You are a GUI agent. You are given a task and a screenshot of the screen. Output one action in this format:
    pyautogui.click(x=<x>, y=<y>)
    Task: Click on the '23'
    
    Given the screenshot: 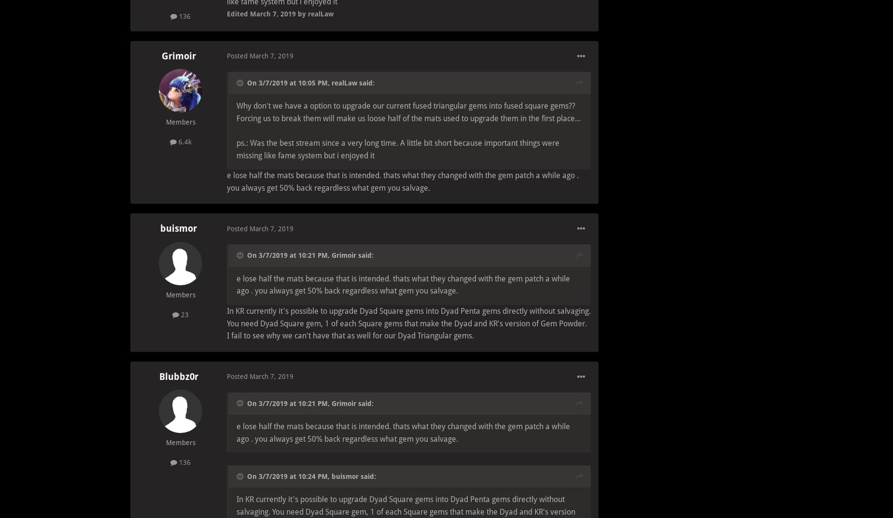 What is the action you would take?
    pyautogui.click(x=178, y=313)
    